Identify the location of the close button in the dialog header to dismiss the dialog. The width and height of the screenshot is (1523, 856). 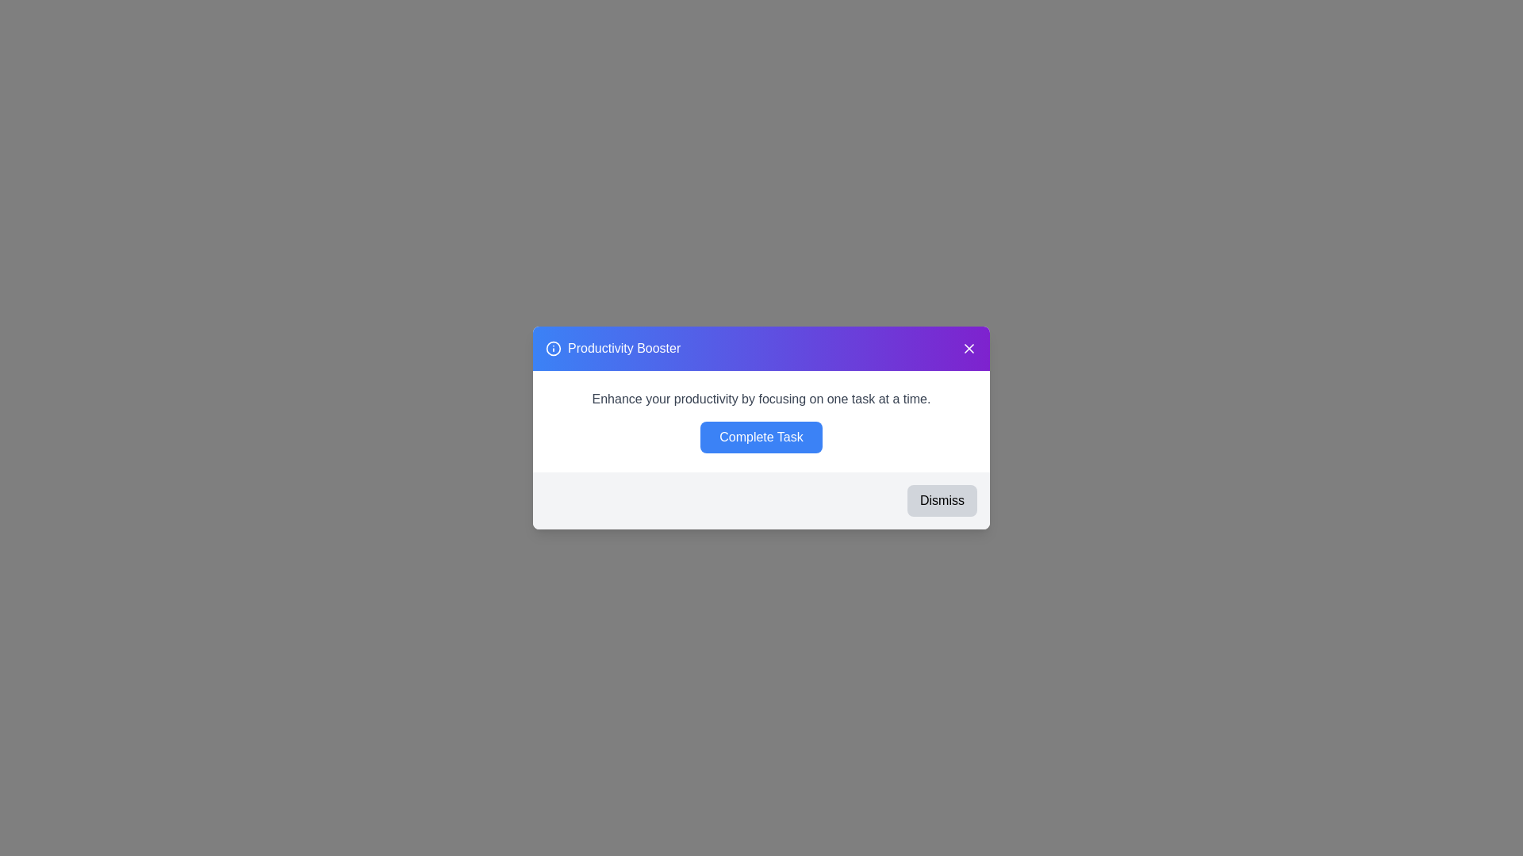
(969, 347).